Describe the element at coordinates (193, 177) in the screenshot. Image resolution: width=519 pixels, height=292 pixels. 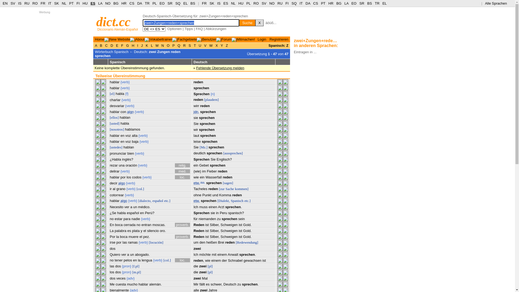
I see `'wie'` at that location.